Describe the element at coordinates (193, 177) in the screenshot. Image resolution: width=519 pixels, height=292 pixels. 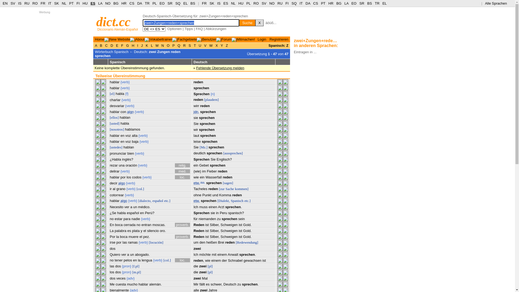
I see `'wie'` at that location.